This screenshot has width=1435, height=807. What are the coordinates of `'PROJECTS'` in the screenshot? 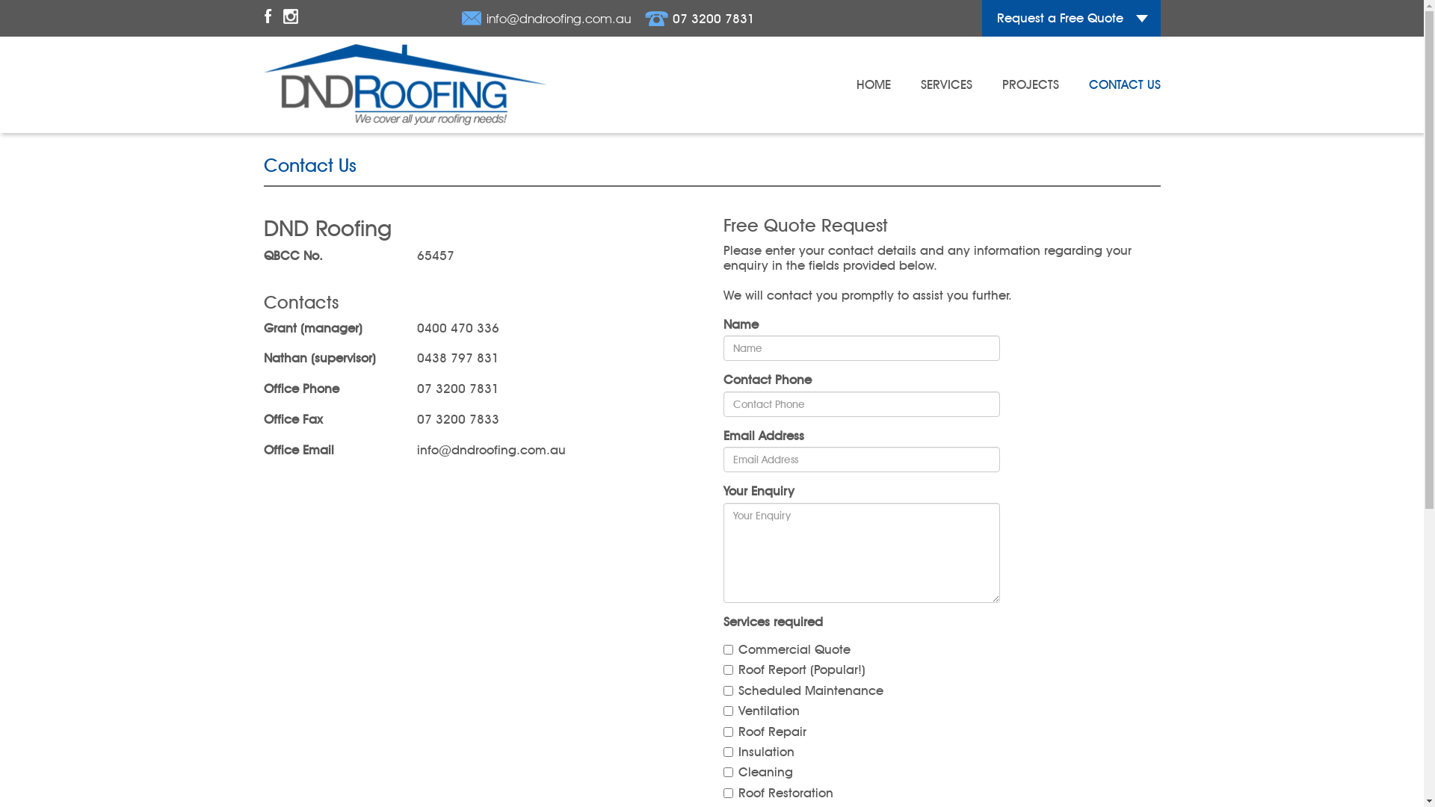 It's located at (1028, 84).